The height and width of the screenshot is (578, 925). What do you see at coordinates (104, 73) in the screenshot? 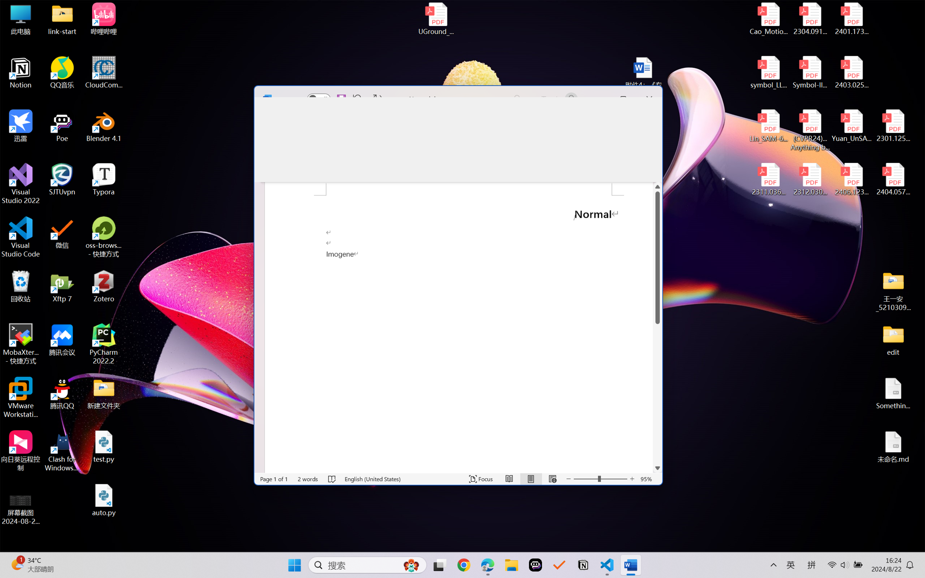
I see `'CloudCompare'` at bounding box center [104, 73].